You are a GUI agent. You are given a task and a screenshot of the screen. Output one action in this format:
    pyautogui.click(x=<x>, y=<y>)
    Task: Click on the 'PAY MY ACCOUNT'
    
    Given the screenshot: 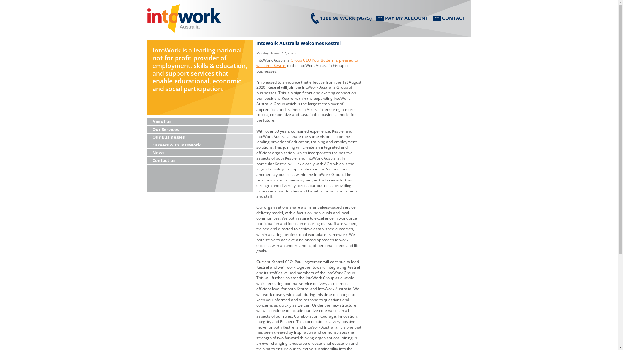 What is the action you would take?
    pyautogui.click(x=401, y=18)
    